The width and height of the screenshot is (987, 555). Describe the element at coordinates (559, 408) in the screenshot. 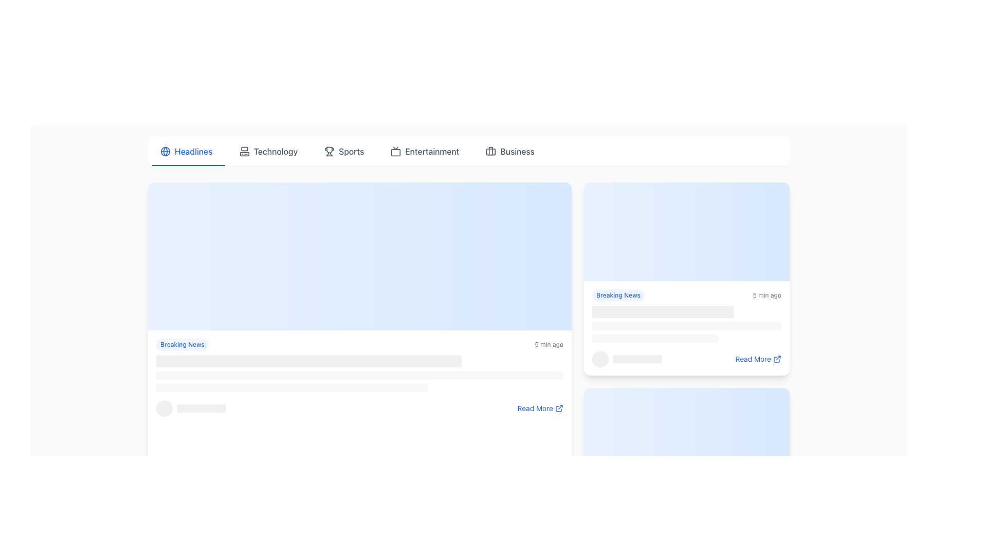

I see `the external link SVG icon located immediately to the right of the 'Read More' text in the bottom-right corner of the card-like section` at that location.